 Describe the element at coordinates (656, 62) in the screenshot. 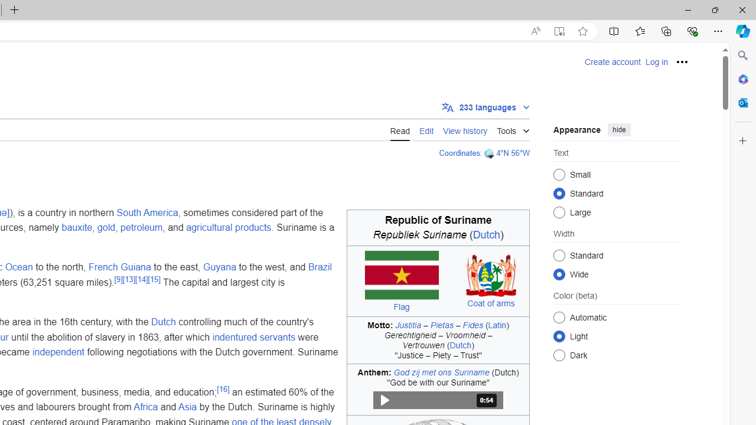

I see `'Log in'` at that location.